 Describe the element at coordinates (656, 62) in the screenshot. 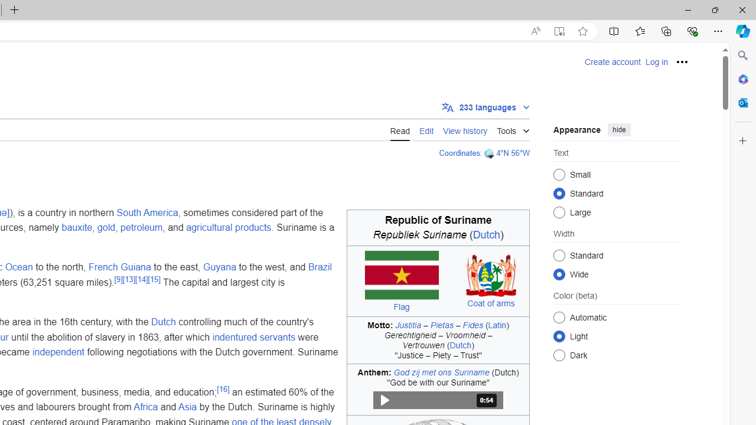

I see `'Log in'` at that location.